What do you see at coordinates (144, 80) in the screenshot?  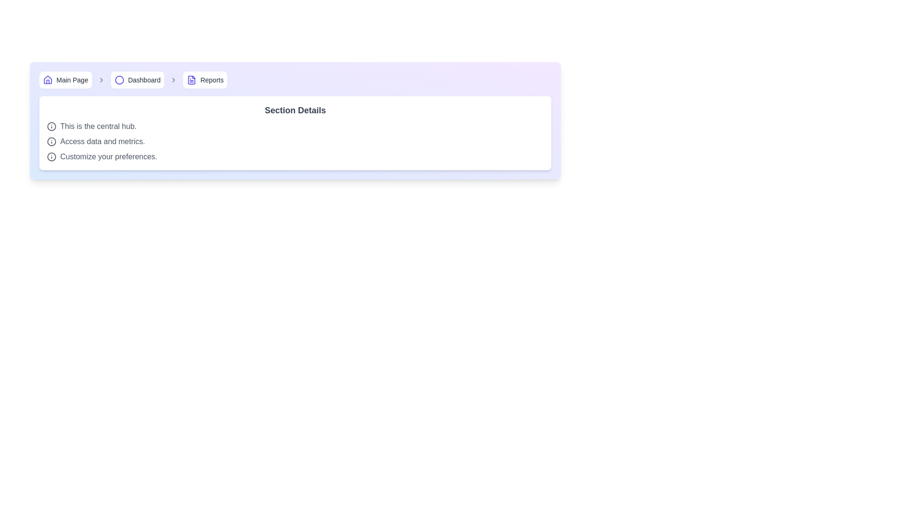 I see `the breadcrumb navigation label that represents the current section, positioned between 'Main Page' and 'Reports'` at bounding box center [144, 80].